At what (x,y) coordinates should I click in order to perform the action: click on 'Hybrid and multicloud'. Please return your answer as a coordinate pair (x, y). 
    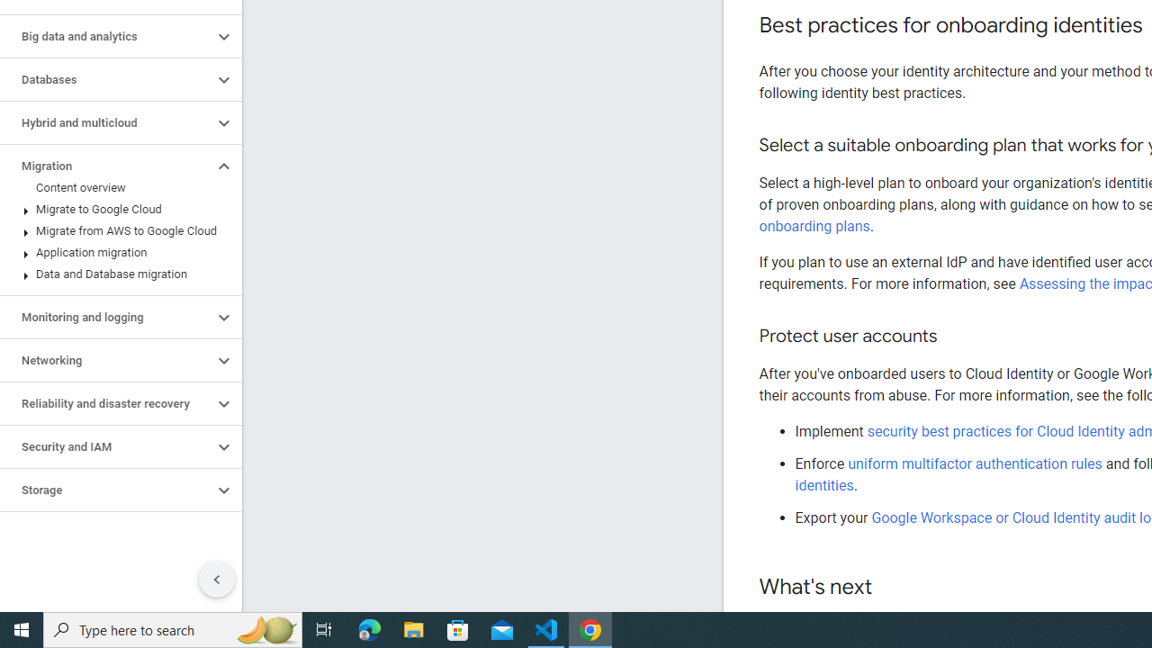
    Looking at the image, I should click on (105, 122).